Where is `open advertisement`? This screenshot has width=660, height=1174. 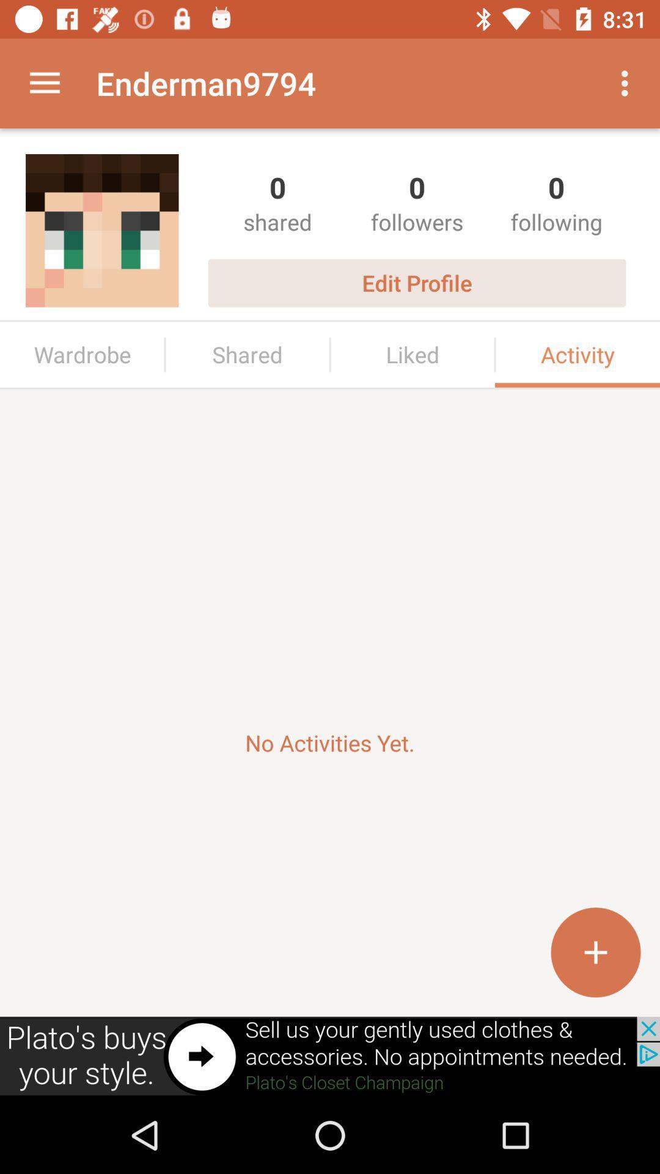
open advertisement is located at coordinates (330, 1056).